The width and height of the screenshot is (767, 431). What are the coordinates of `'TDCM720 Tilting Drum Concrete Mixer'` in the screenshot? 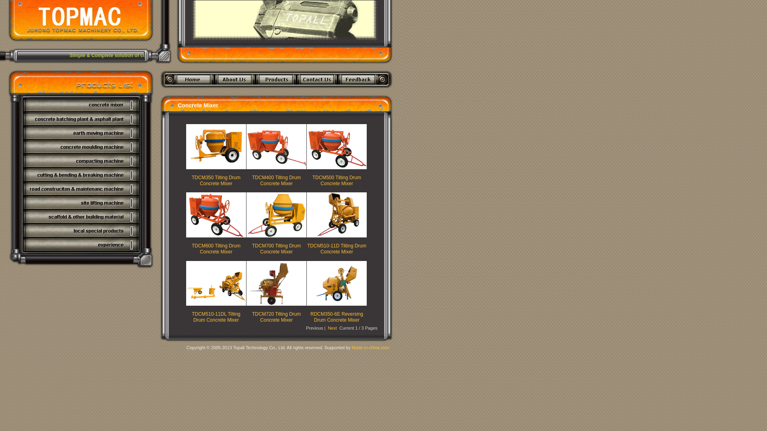 It's located at (276, 316).